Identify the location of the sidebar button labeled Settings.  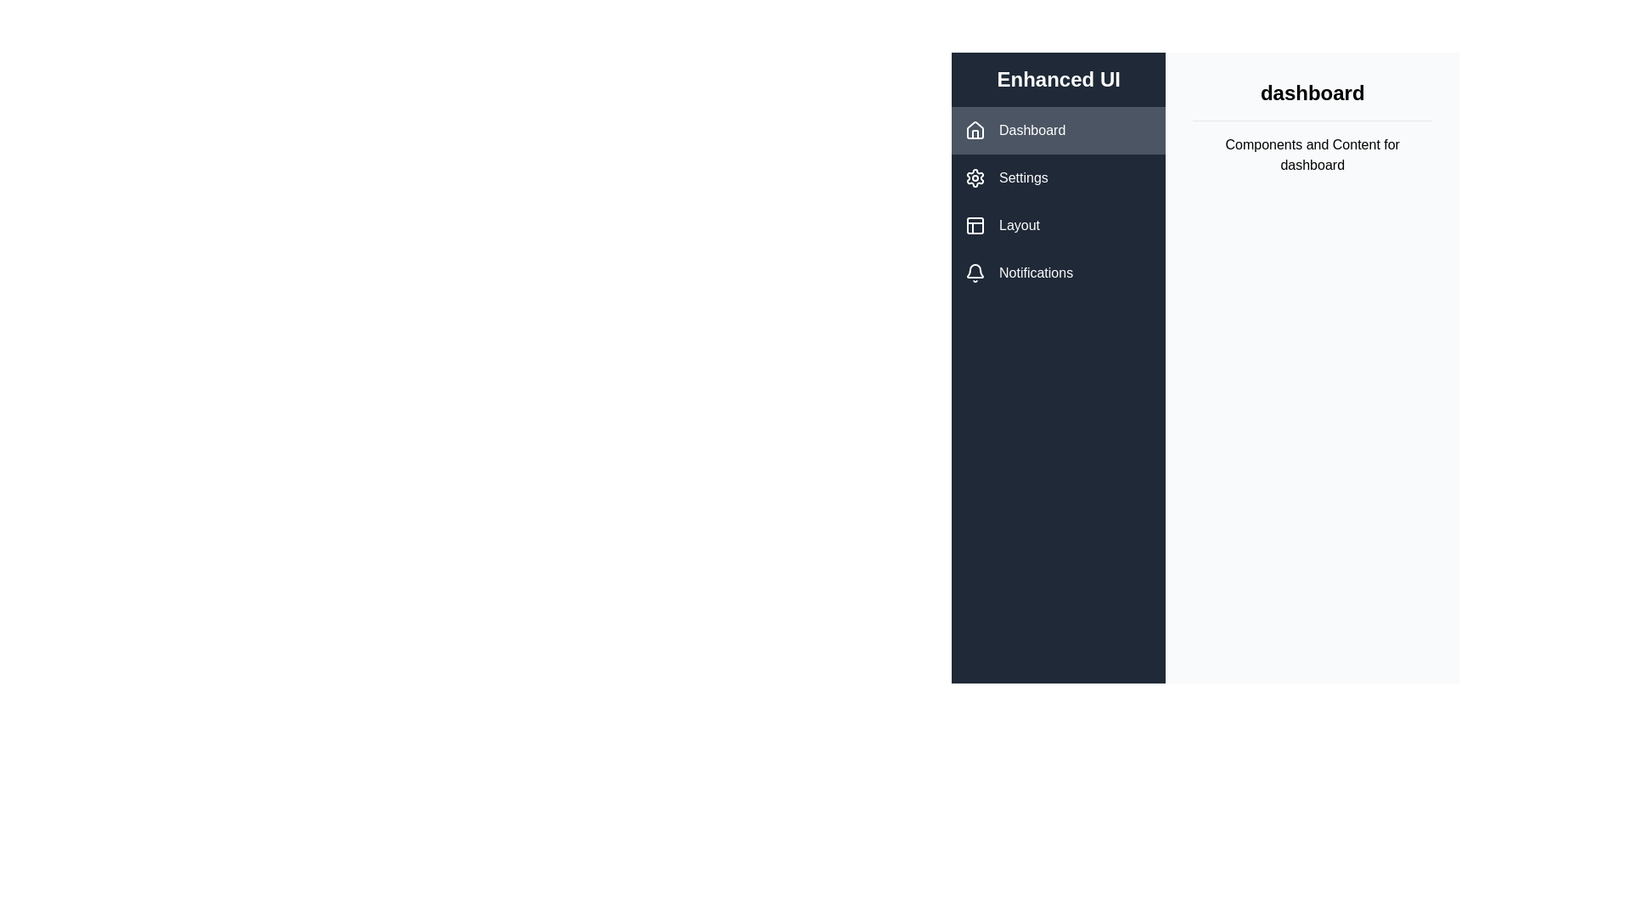
(1058, 177).